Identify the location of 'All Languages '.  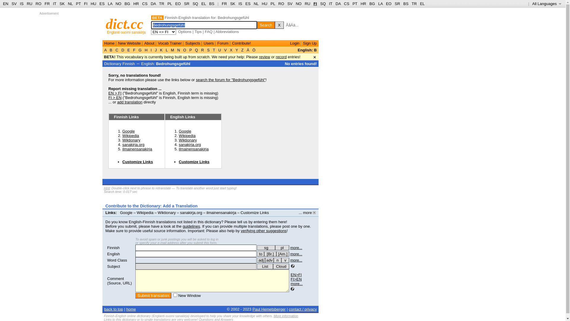
(547, 4).